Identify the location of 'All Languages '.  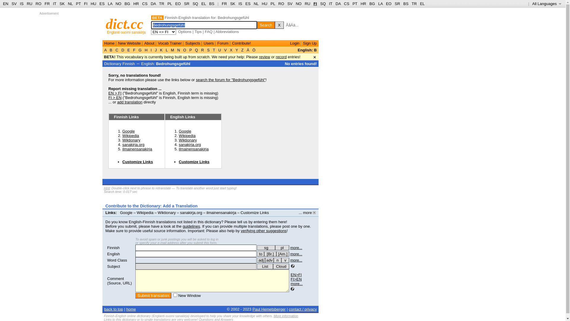
(547, 4).